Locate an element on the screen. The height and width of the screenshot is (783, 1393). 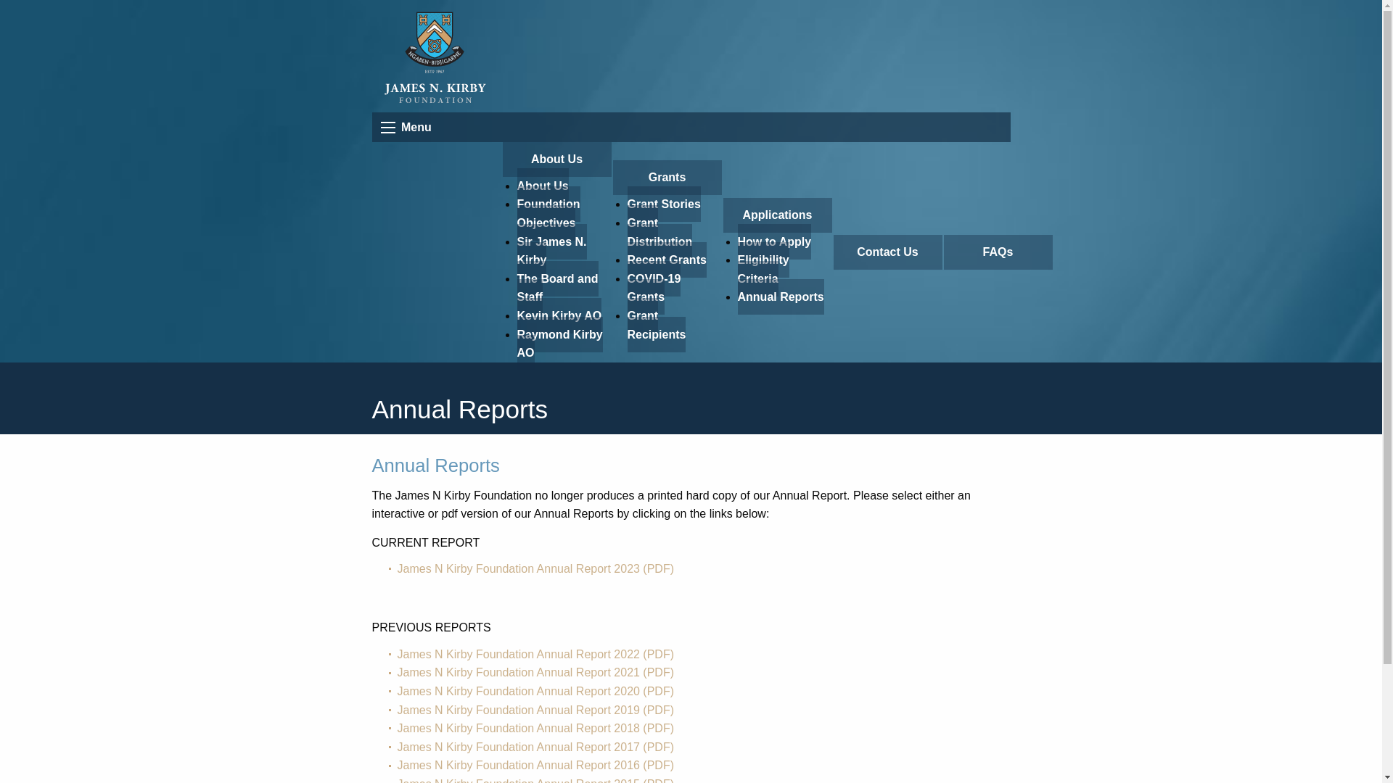
'How to Apply' is located at coordinates (773, 241).